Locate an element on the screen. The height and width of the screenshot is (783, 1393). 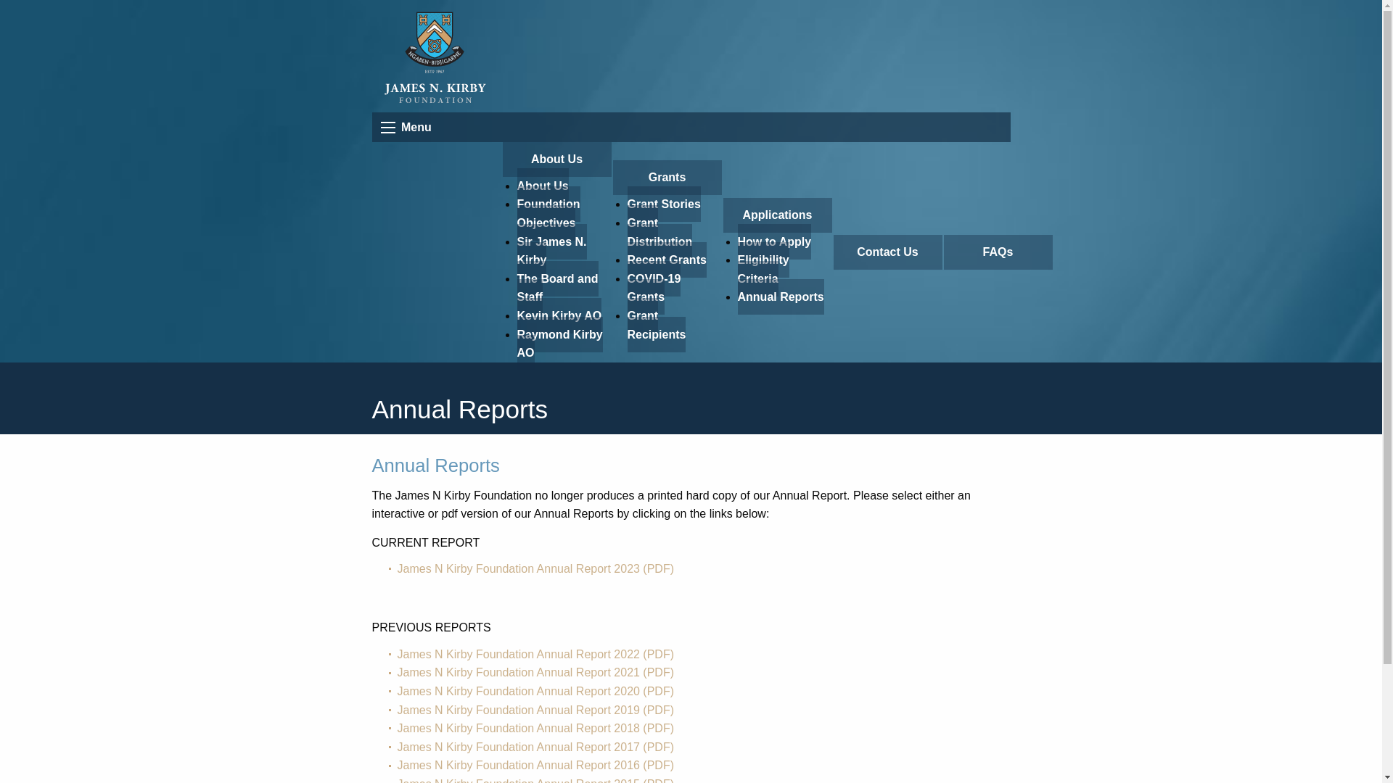
'How to Apply' is located at coordinates (773, 241).